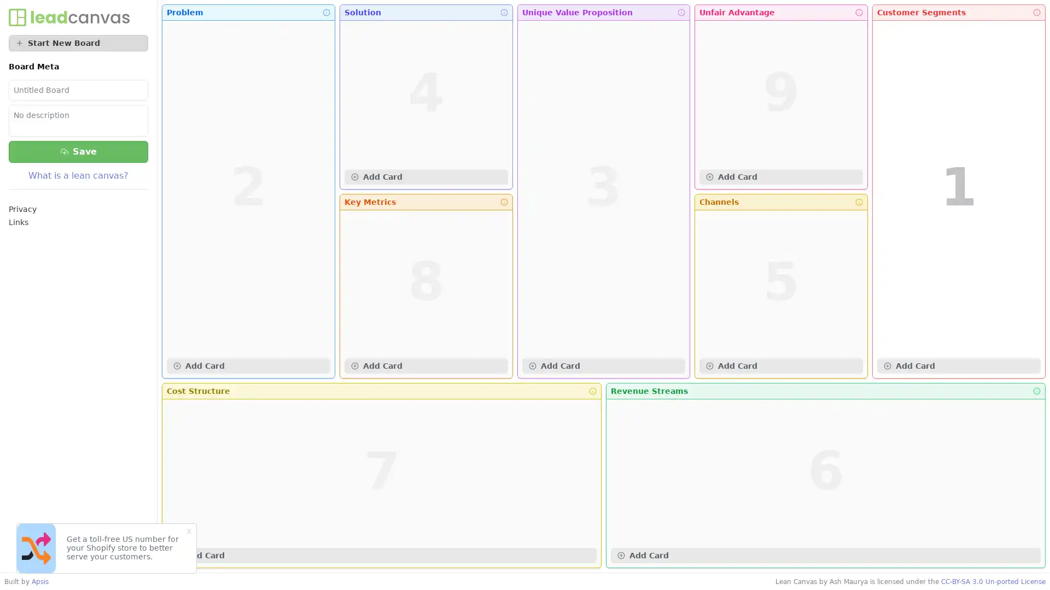 The height and width of the screenshot is (590, 1050). What do you see at coordinates (78, 151) in the screenshot?
I see `Save` at bounding box center [78, 151].